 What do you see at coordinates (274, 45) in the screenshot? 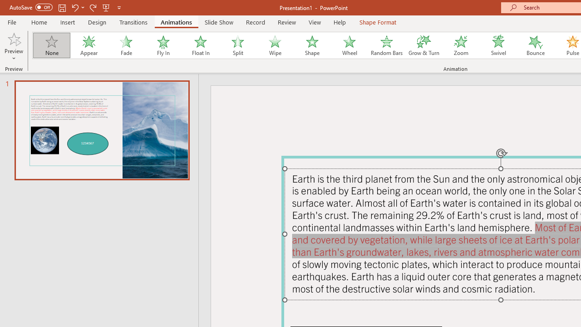
I see `'Wipe'` at bounding box center [274, 45].